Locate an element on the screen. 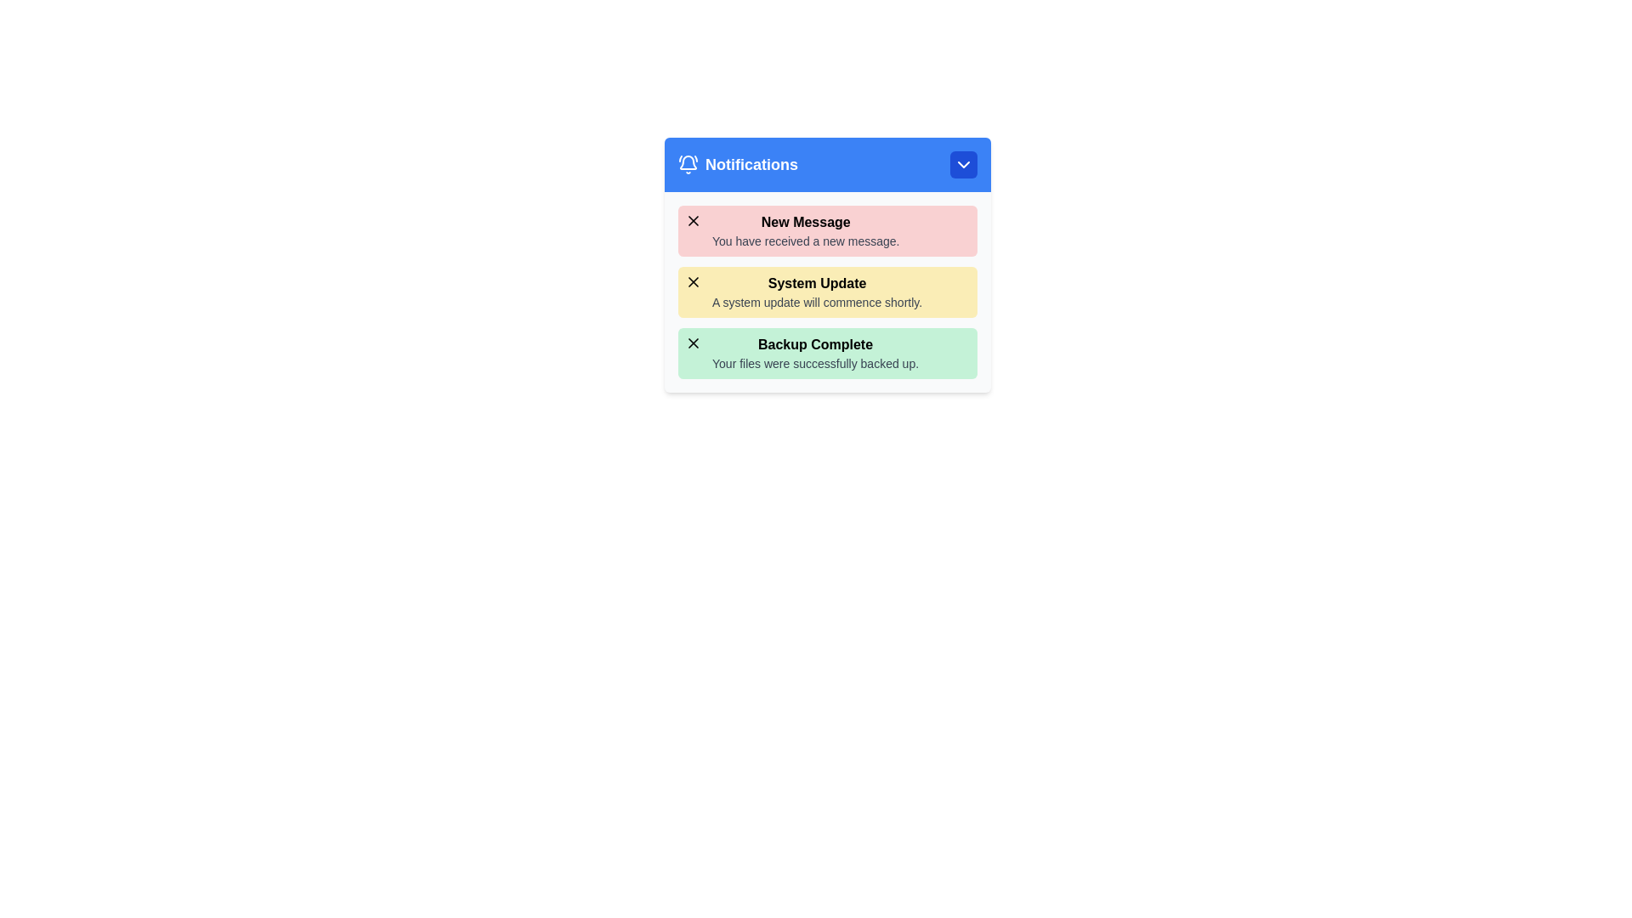 This screenshot has width=1632, height=918. the small rectangular button with rounded corners and a blue background, located at the top-right corner of the 'Notifications' header is located at coordinates (963, 164).